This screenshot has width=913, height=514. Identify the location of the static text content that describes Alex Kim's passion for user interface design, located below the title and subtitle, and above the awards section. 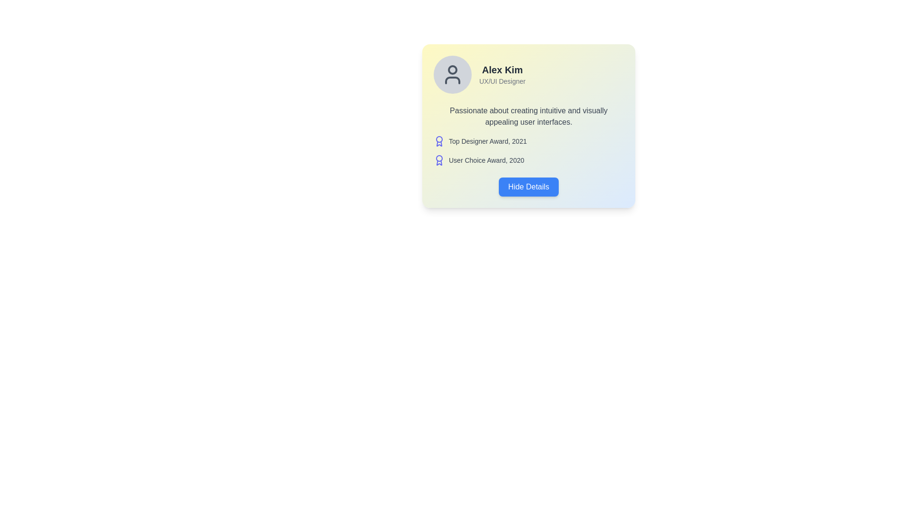
(528, 116).